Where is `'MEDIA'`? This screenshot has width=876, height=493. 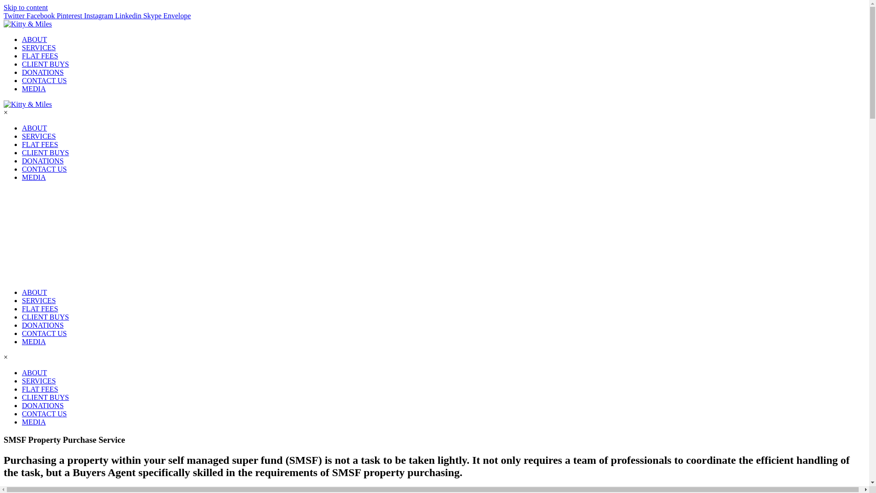
'MEDIA' is located at coordinates (22, 422).